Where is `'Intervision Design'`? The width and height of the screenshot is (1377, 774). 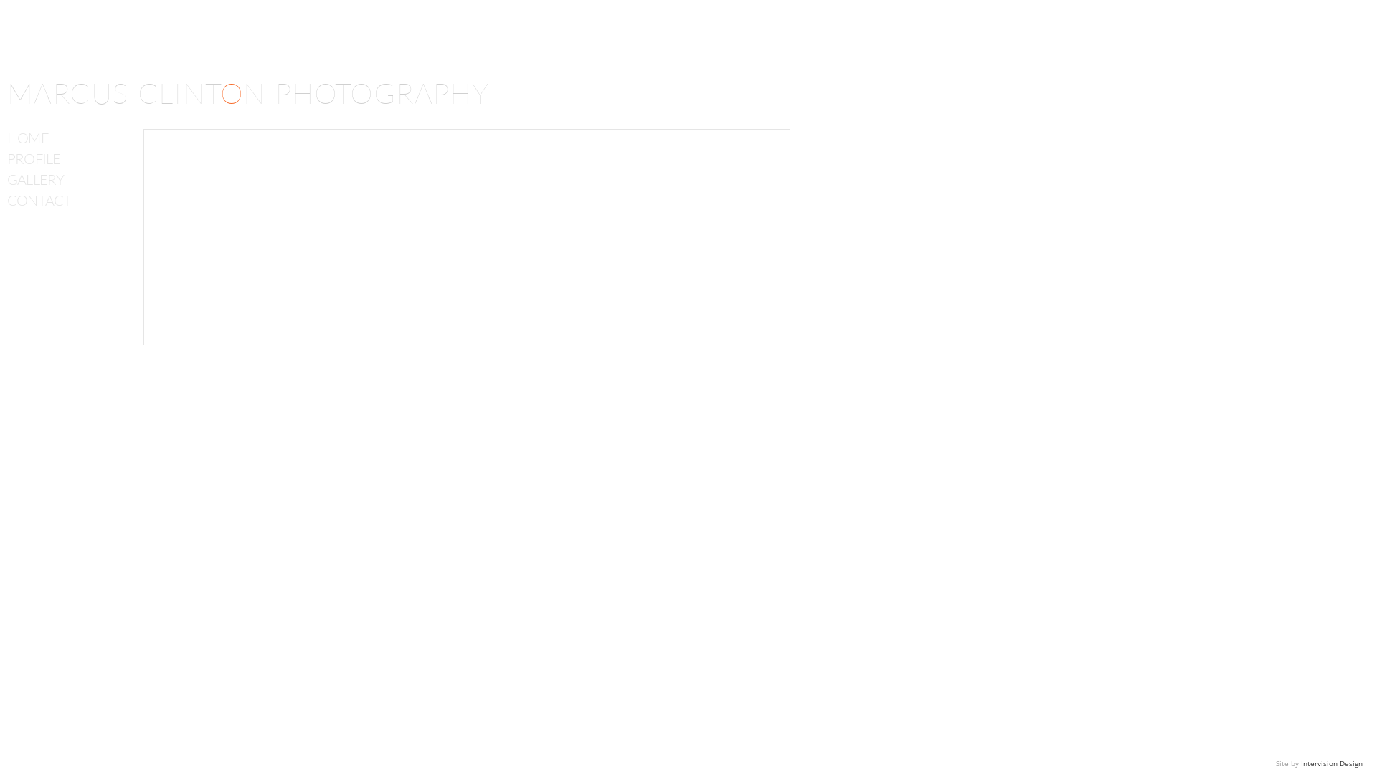 'Intervision Design' is located at coordinates (1301, 762).